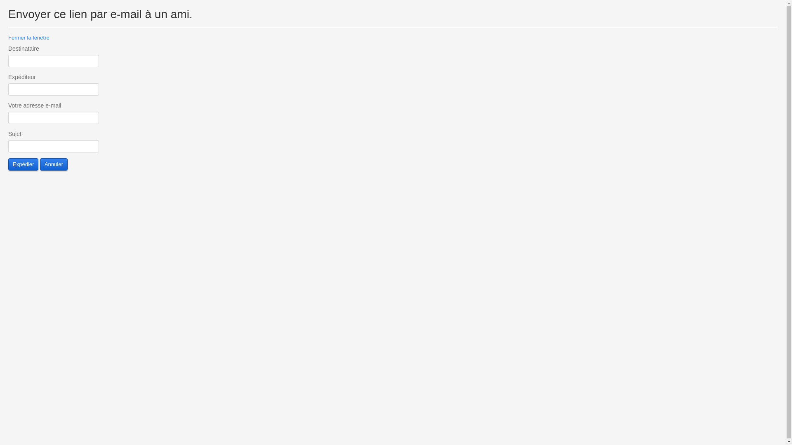 The width and height of the screenshot is (792, 445). What do you see at coordinates (53, 164) in the screenshot?
I see `'Annuler'` at bounding box center [53, 164].